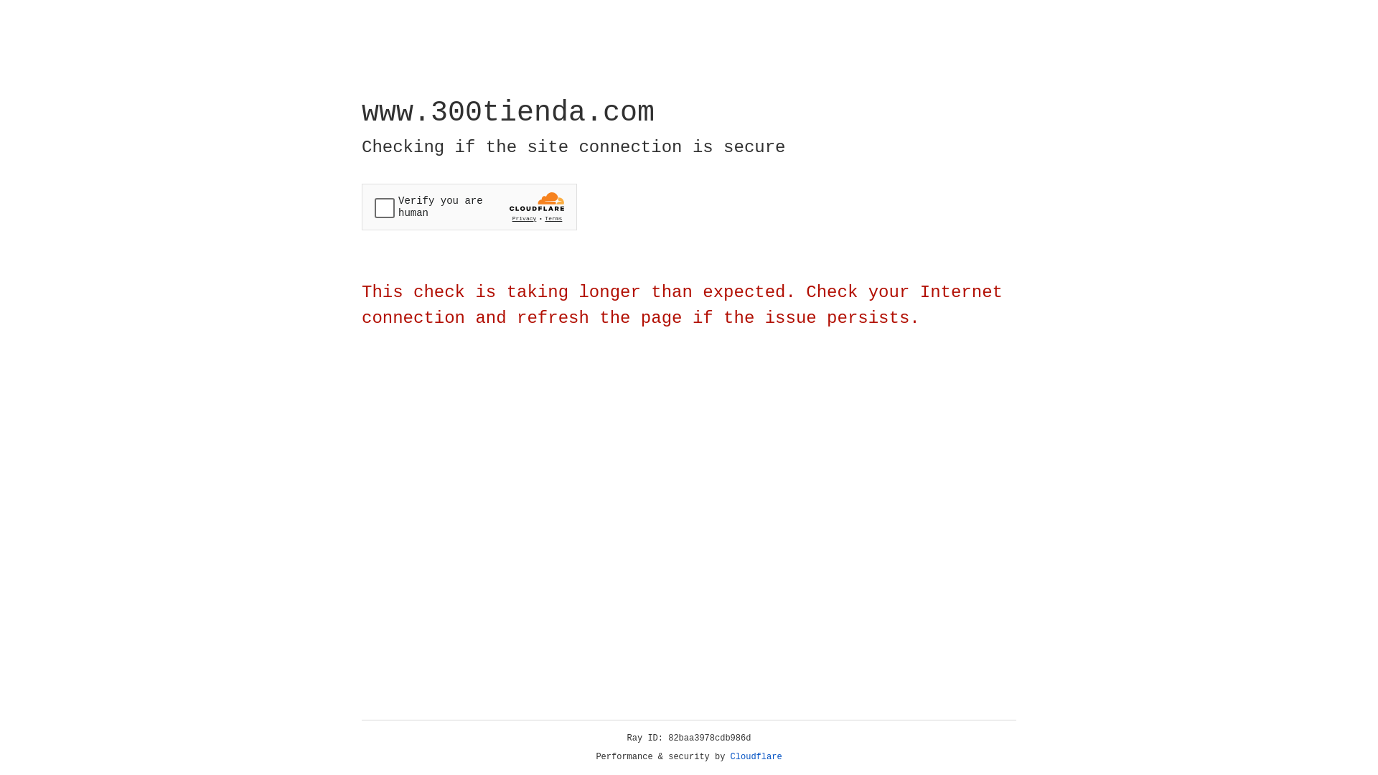  What do you see at coordinates (469, 207) in the screenshot?
I see `'Widget containing a Cloudflare security challenge'` at bounding box center [469, 207].